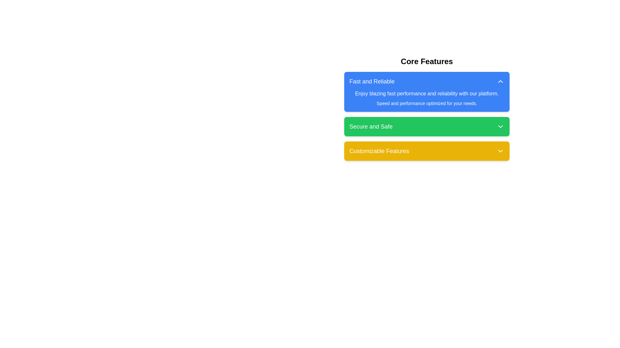 The width and height of the screenshot is (620, 348). I want to click on the downward-facing chevron icon, so click(500, 127).